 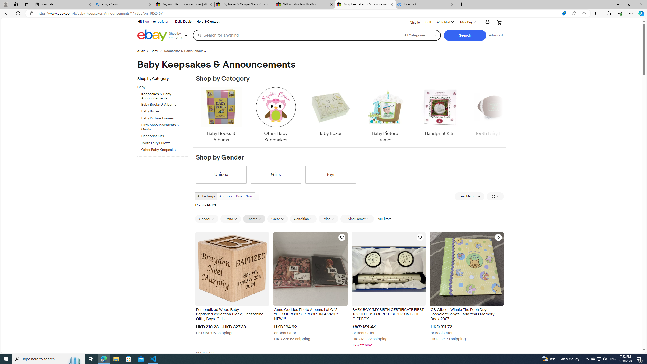 I want to click on 'Advanced Search', so click(x=496, y=35).